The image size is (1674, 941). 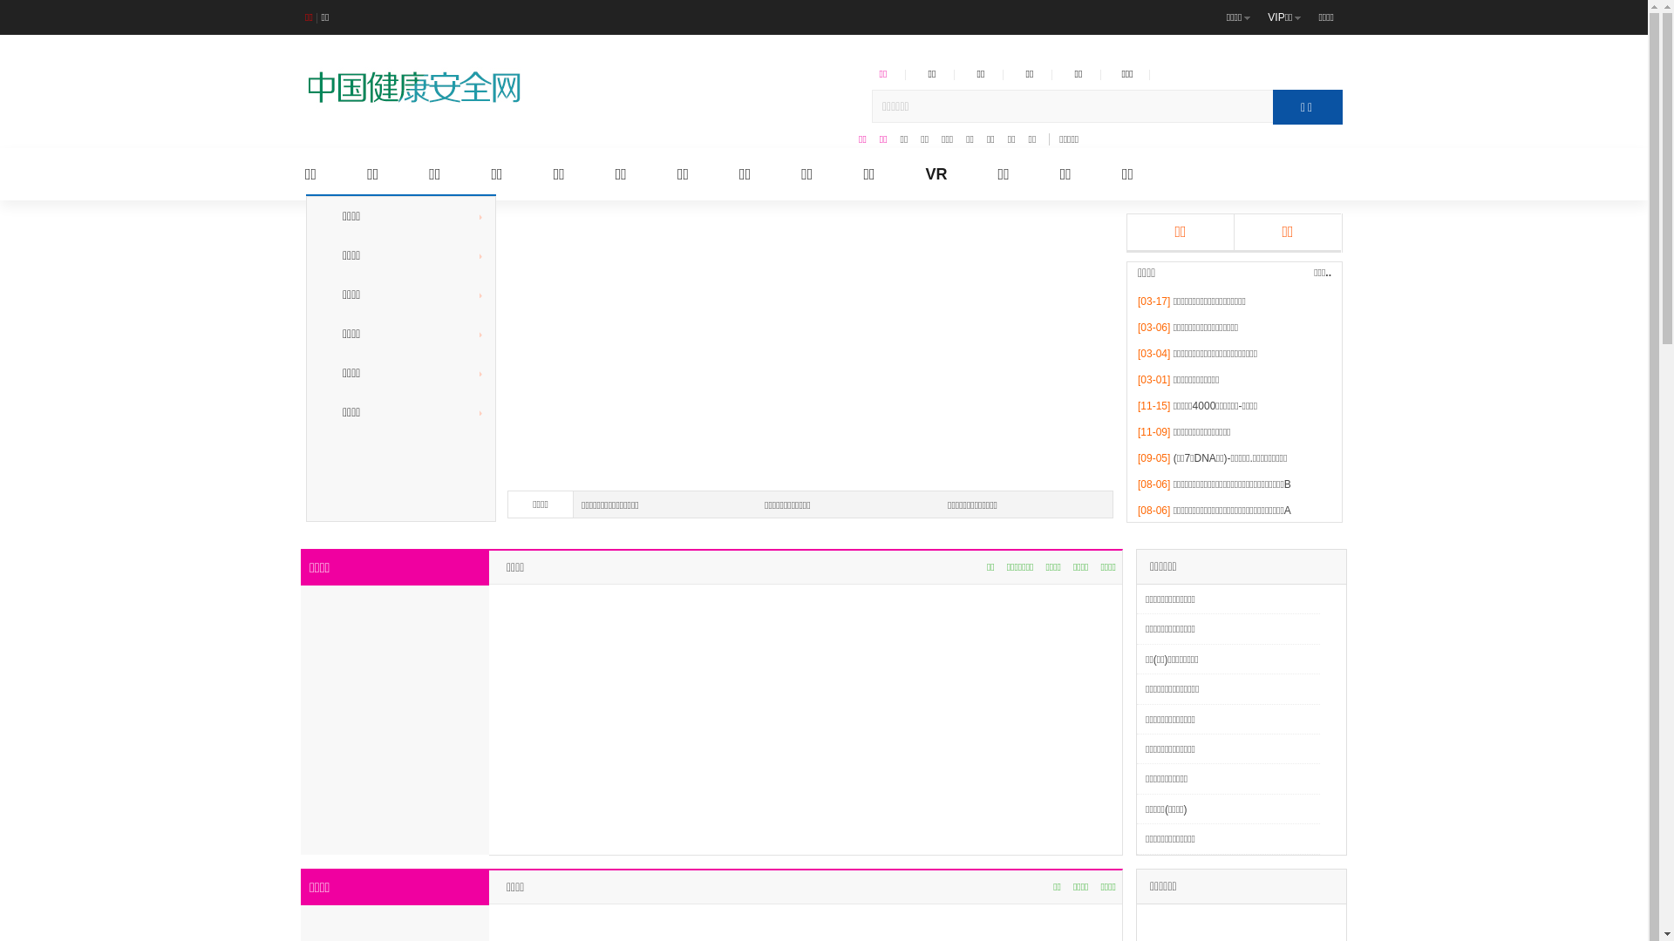 What do you see at coordinates (1153, 510) in the screenshot?
I see `'[08-06]'` at bounding box center [1153, 510].